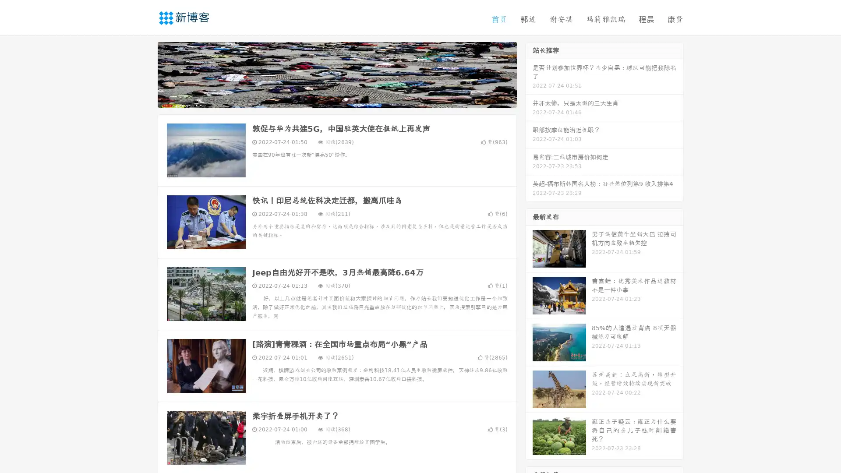  Describe the element at coordinates (145, 74) in the screenshot. I see `Previous slide` at that location.